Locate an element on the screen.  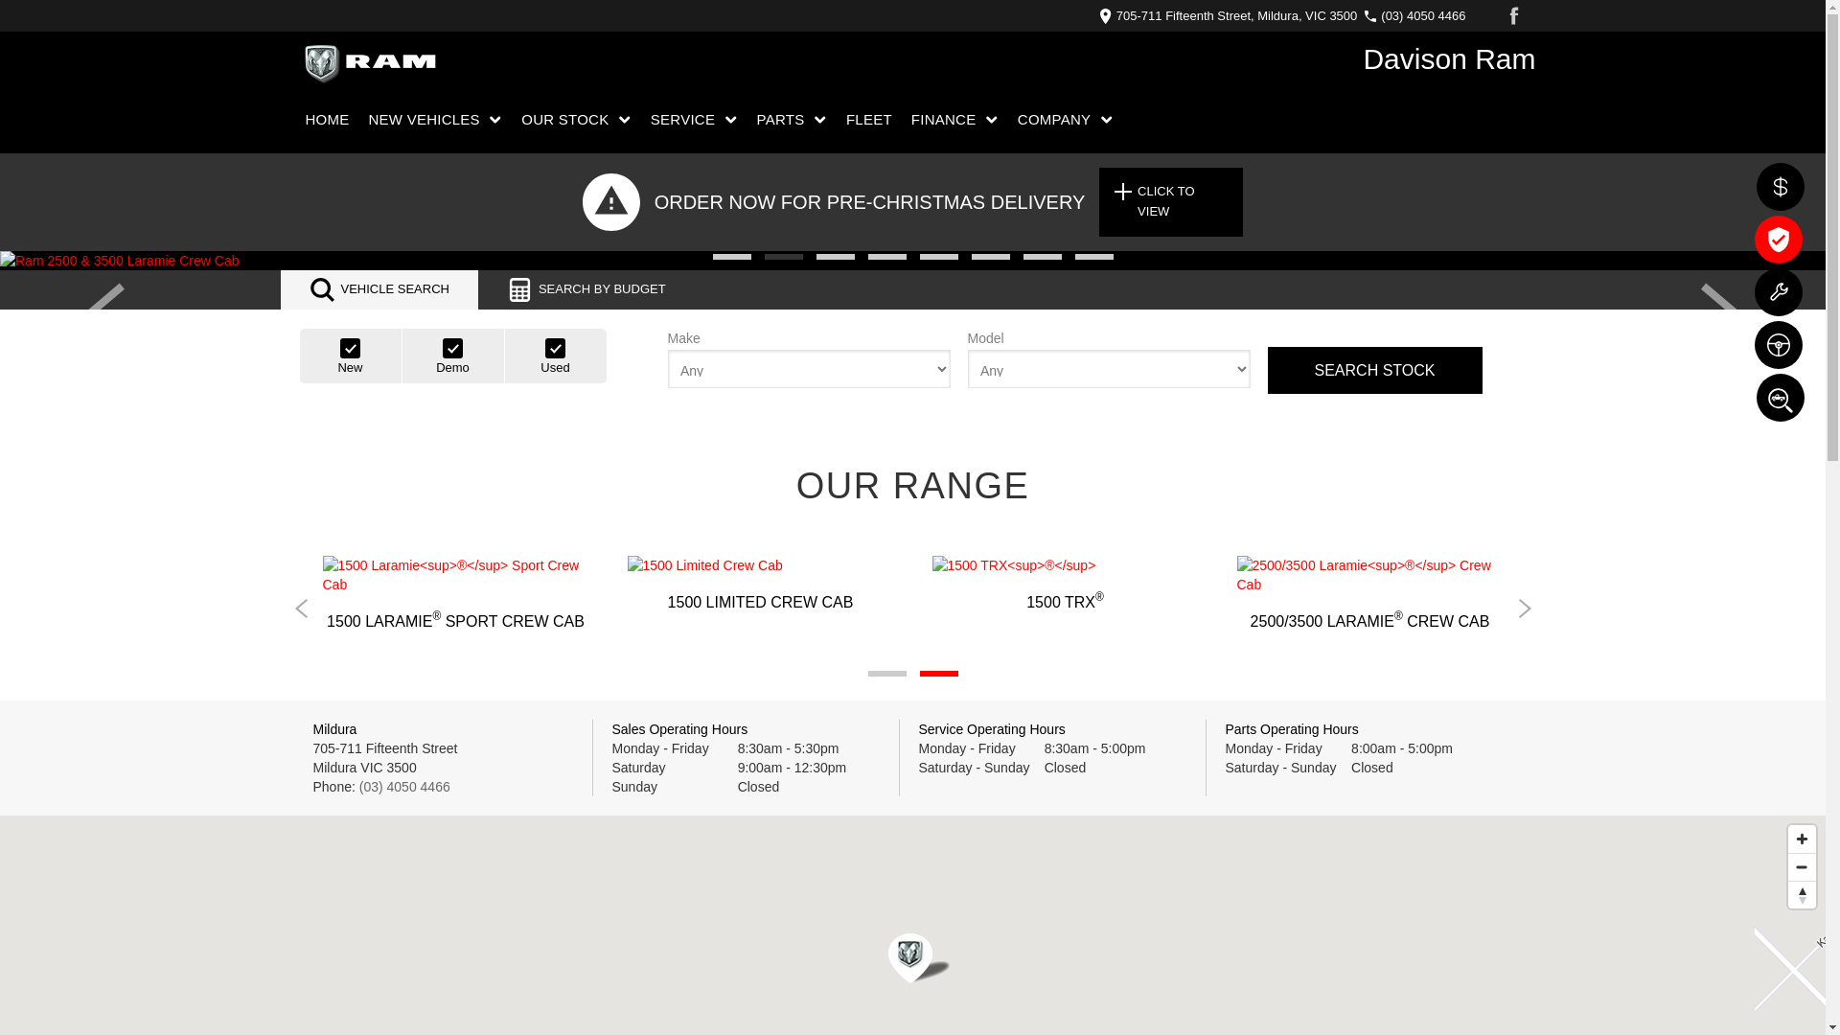
'SEARCH STOCK' is located at coordinates (1266, 370).